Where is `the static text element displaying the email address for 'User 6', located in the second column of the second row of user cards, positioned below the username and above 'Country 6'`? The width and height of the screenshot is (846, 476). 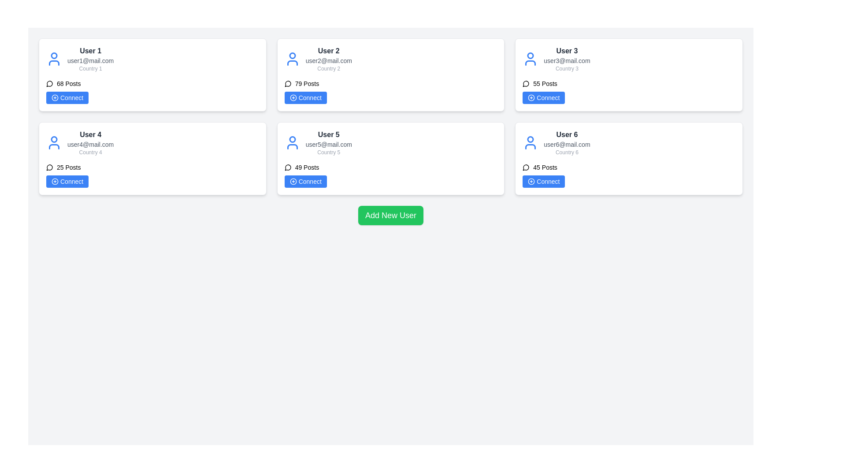
the static text element displaying the email address for 'User 6', located in the second column of the second row of user cards, positioned below the username and above 'Country 6' is located at coordinates (567, 144).